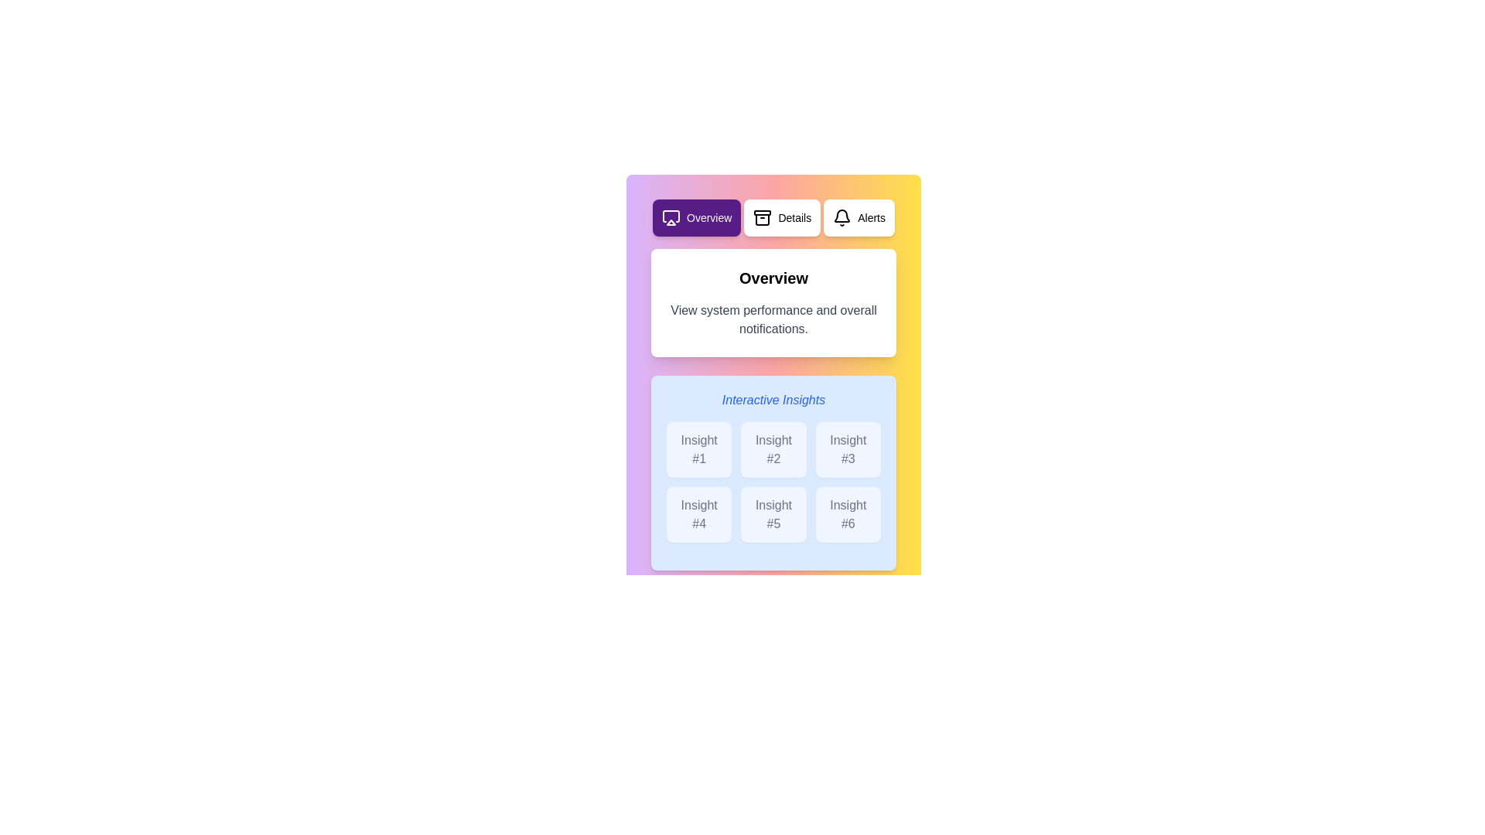 This screenshot has width=1485, height=835. What do you see at coordinates (696, 217) in the screenshot?
I see `the Overview tab to view its content` at bounding box center [696, 217].